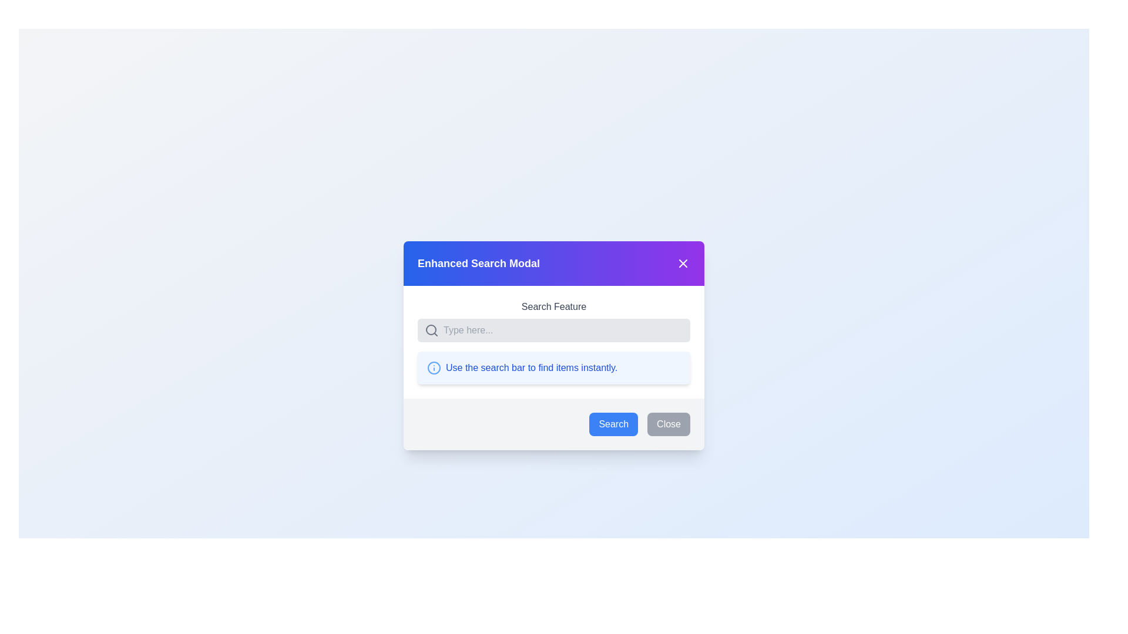 This screenshot has height=634, width=1128. I want to click on the 'Search Feature' text label, which is displayed in dark gray color and located at the top portion of the card titled 'Enhanced Search Modal', so click(553, 306).